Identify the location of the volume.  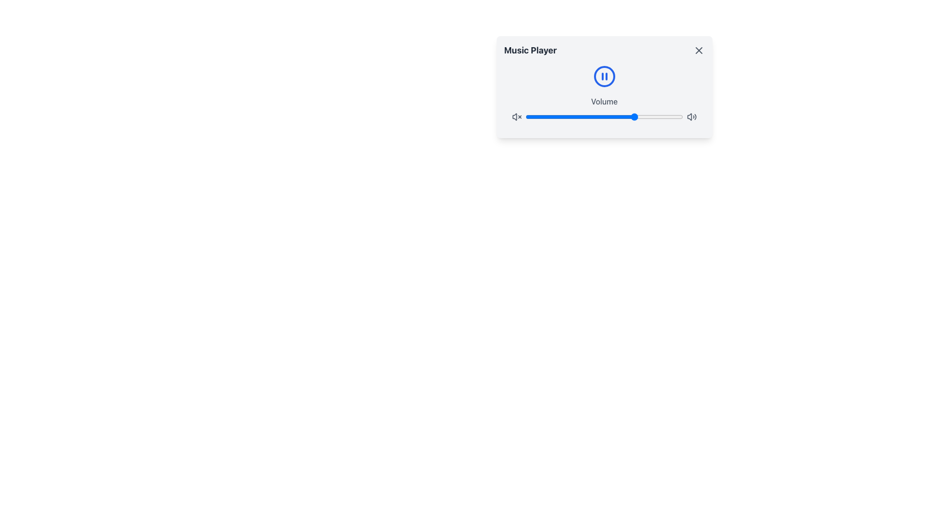
(633, 117).